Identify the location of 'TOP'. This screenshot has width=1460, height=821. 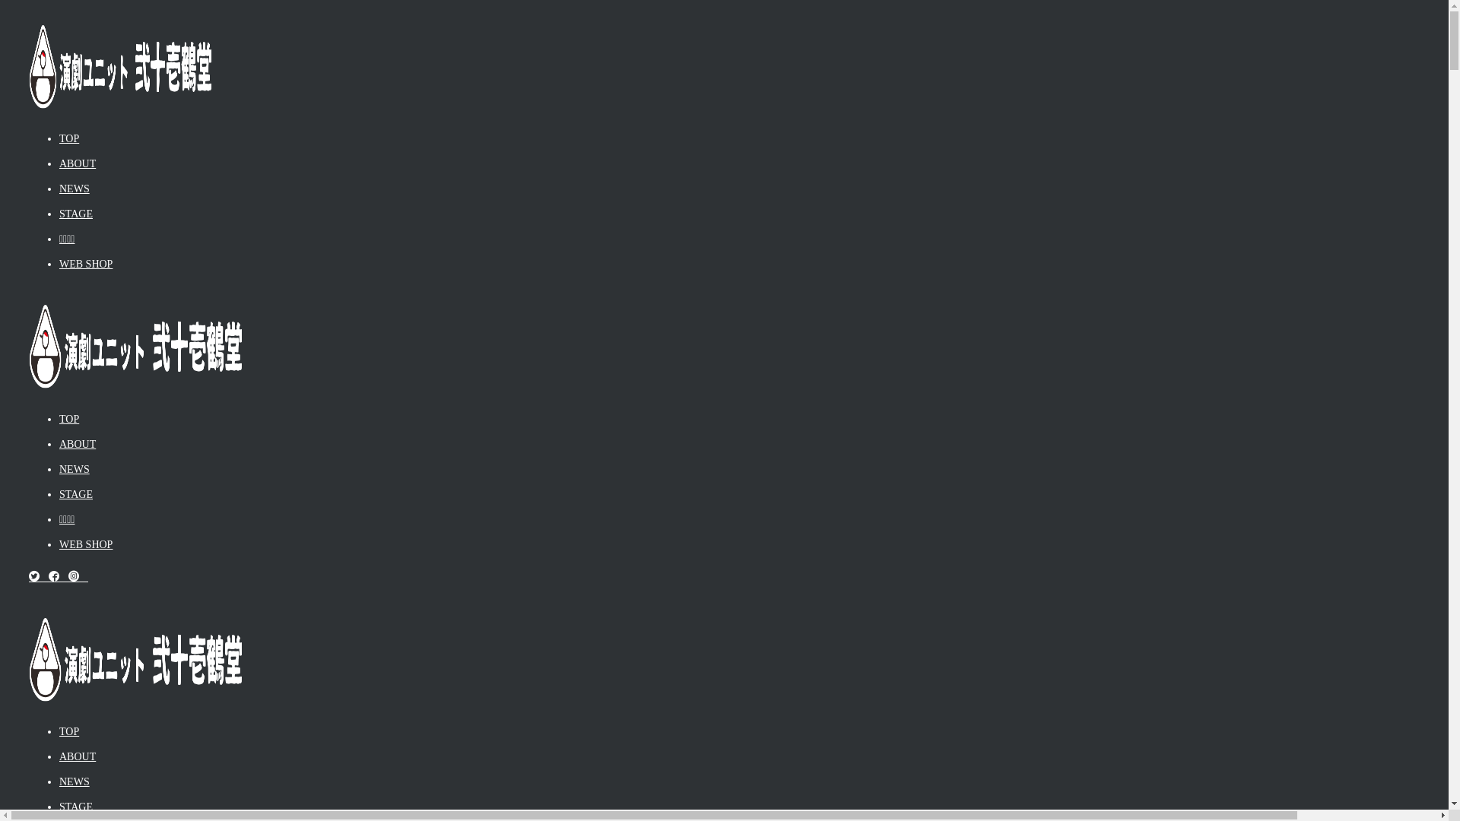
(68, 419).